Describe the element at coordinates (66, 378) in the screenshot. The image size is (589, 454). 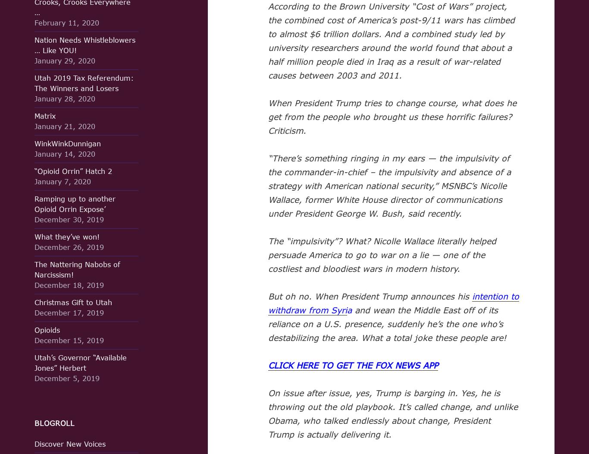
I see `'December 5, 2019'` at that location.